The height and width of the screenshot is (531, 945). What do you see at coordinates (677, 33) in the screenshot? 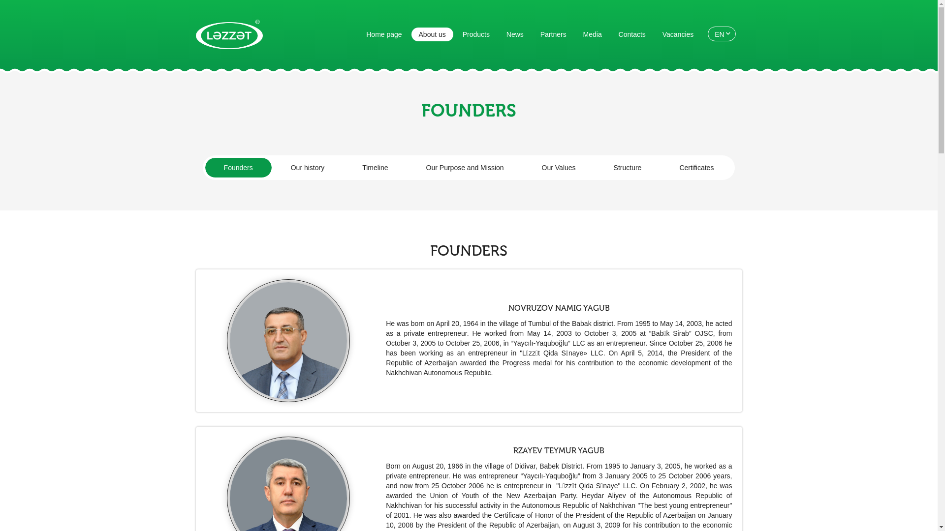
I see `'Vacancies'` at bounding box center [677, 33].